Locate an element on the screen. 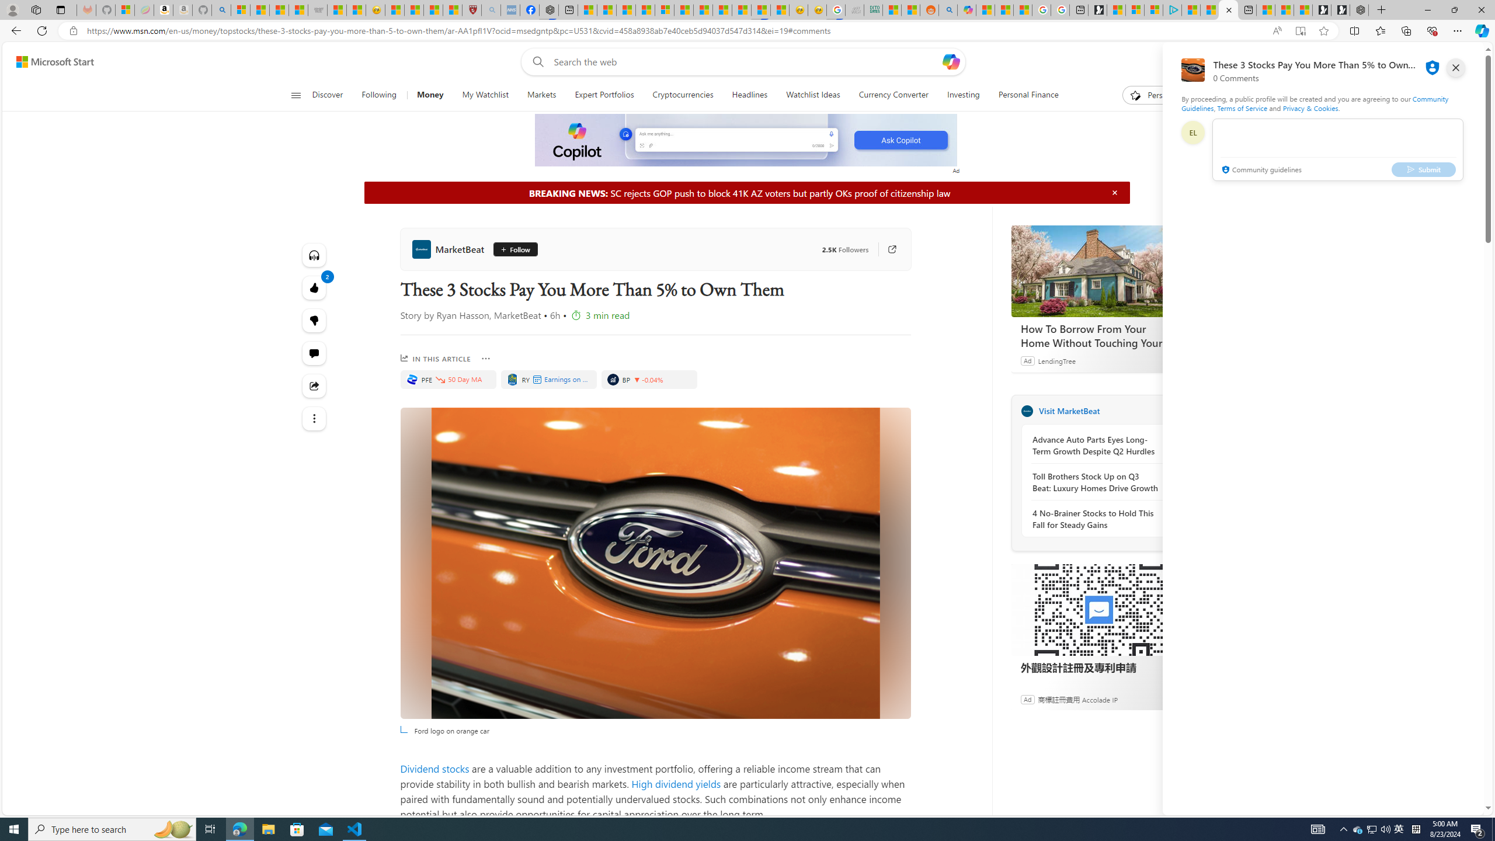  'ROYAL BANK OF CANADA' is located at coordinates (512, 378).